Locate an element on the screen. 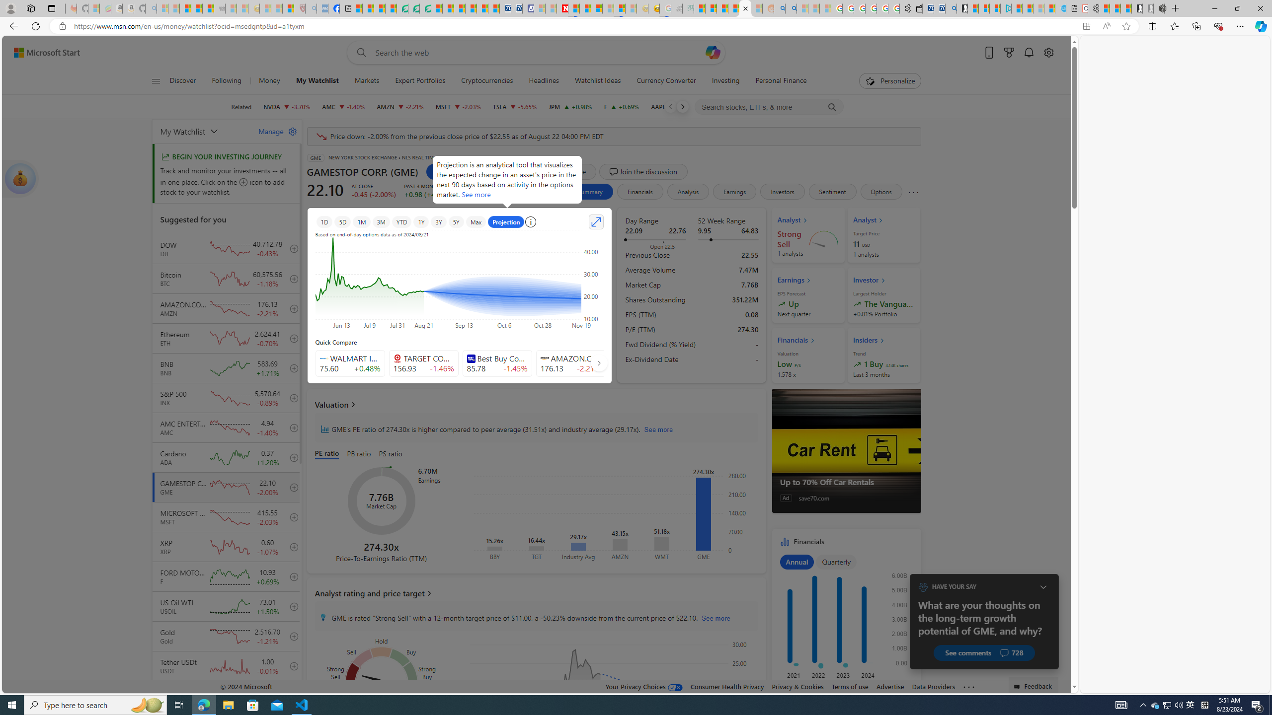  'Play Free Online Games | Games from Microsoft Start' is located at coordinates (1136, 8).